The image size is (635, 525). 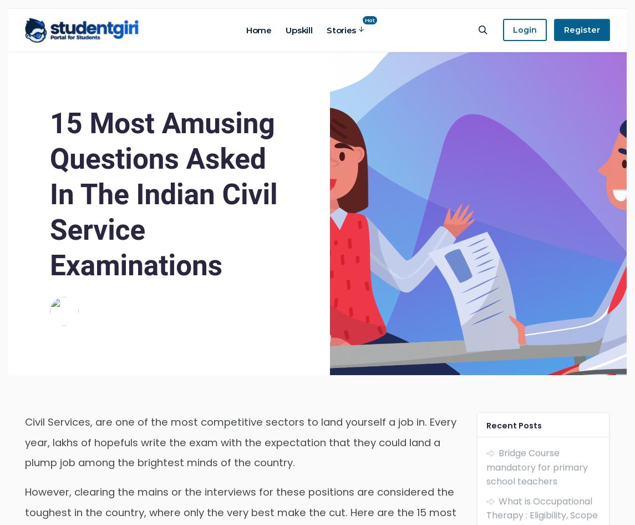 What do you see at coordinates (341, 29) in the screenshot?
I see `'Stories'` at bounding box center [341, 29].